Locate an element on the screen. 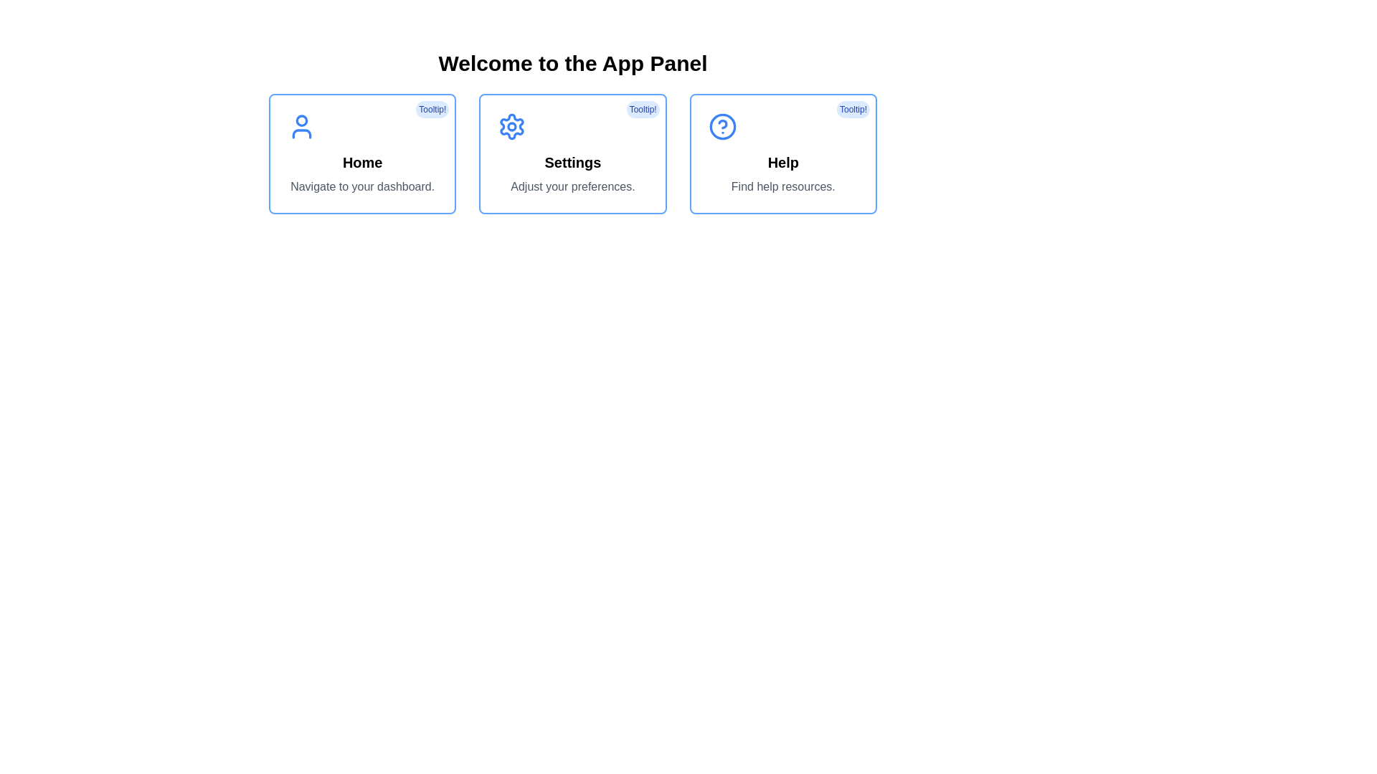  the graphical circle that is part of the user icon within the first card labeled 'Home' is located at coordinates (301, 120).